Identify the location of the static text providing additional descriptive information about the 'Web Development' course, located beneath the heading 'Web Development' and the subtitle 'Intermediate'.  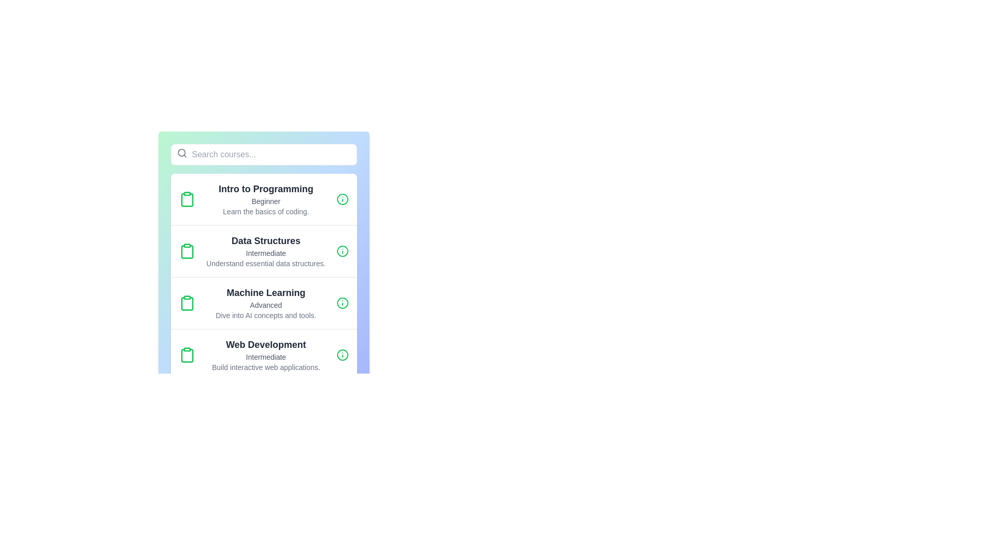
(266, 366).